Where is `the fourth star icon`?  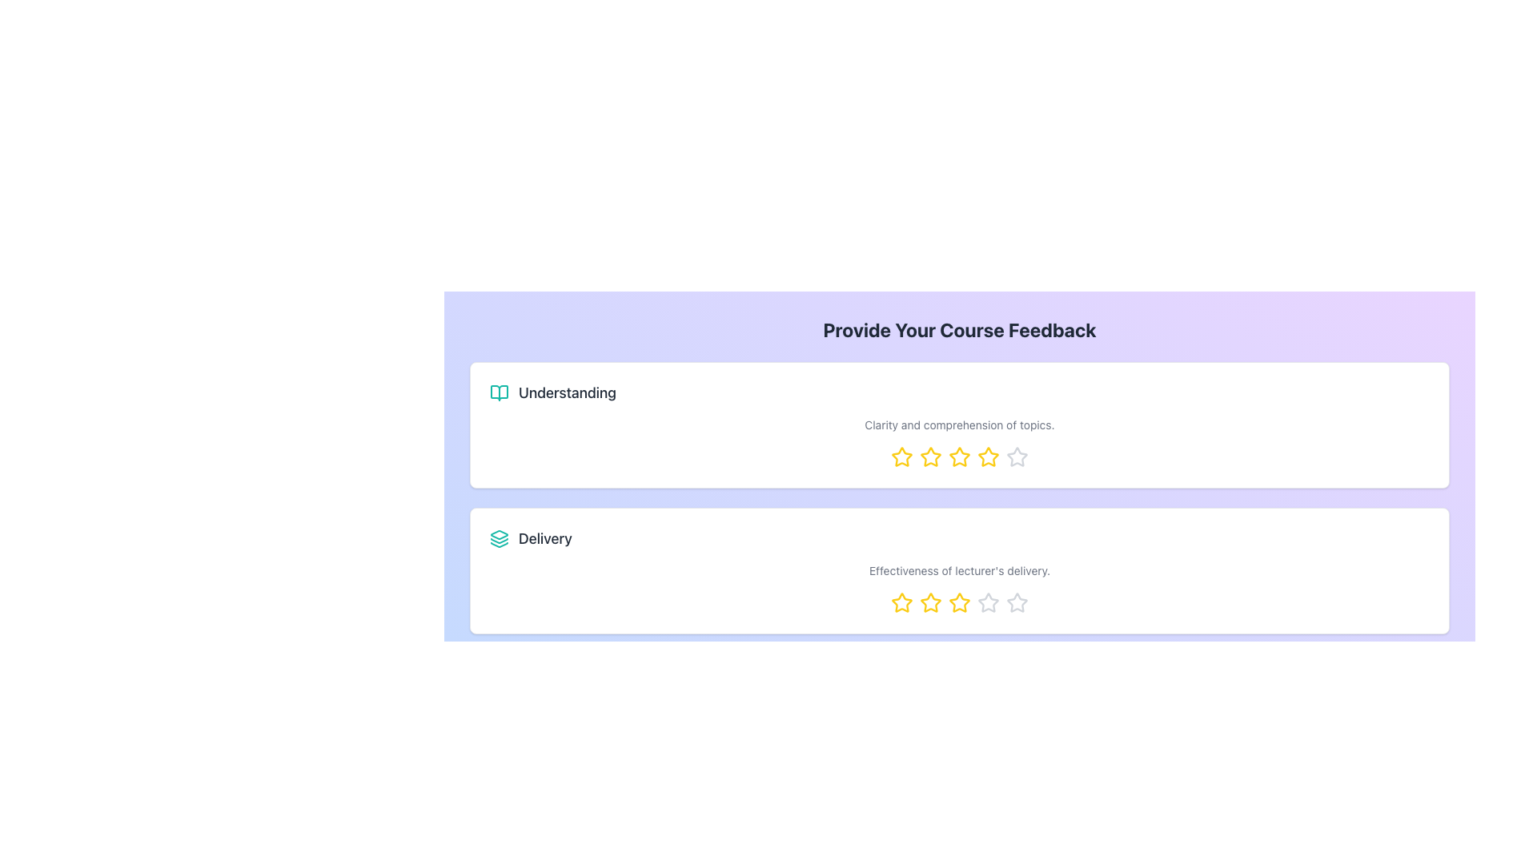 the fourth star icon is located at coordinates (960, 457).